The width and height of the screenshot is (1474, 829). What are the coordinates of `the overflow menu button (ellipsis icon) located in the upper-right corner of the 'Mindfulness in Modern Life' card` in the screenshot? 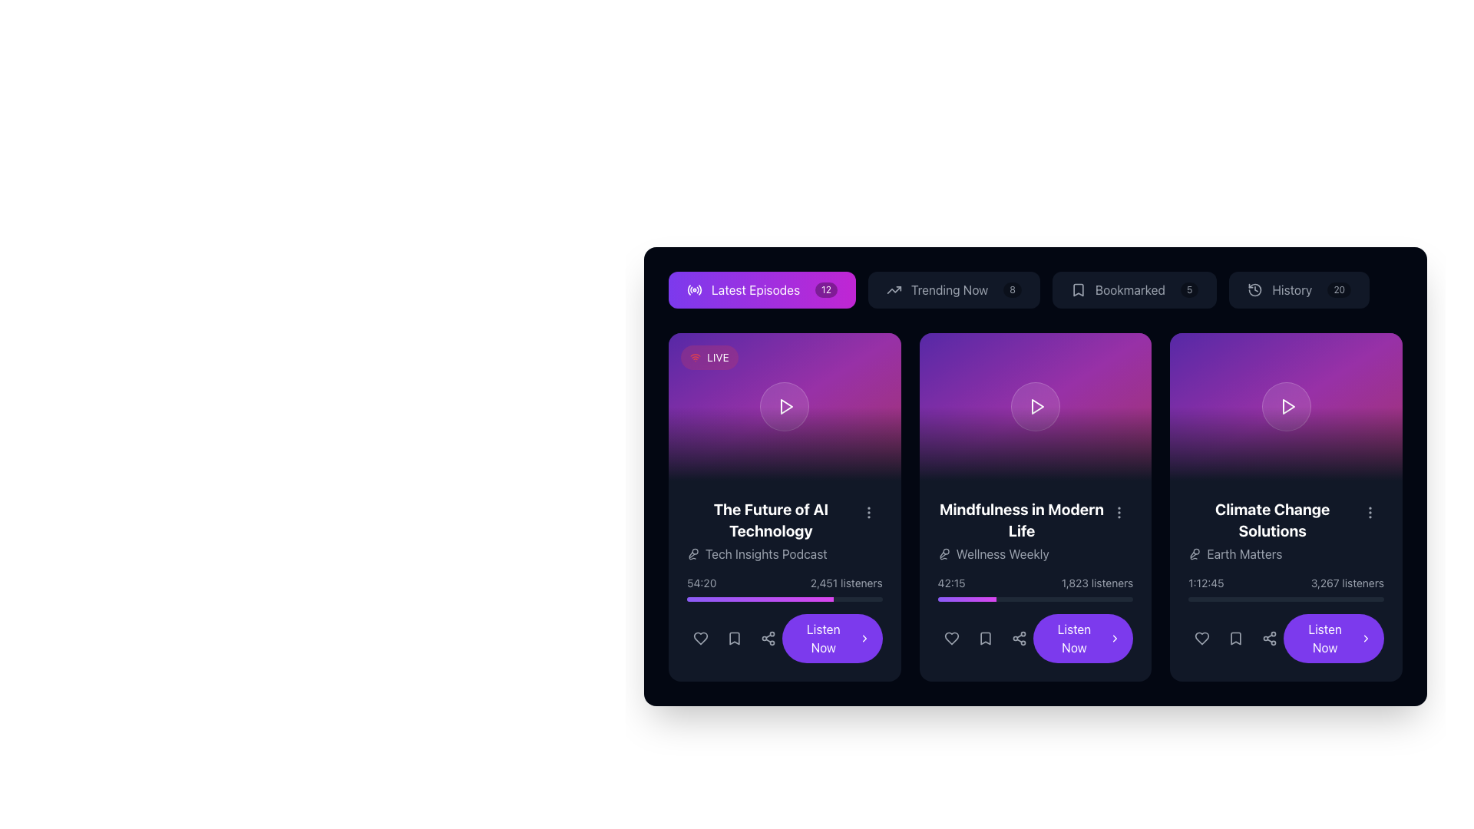 It's located at (1119, 512).